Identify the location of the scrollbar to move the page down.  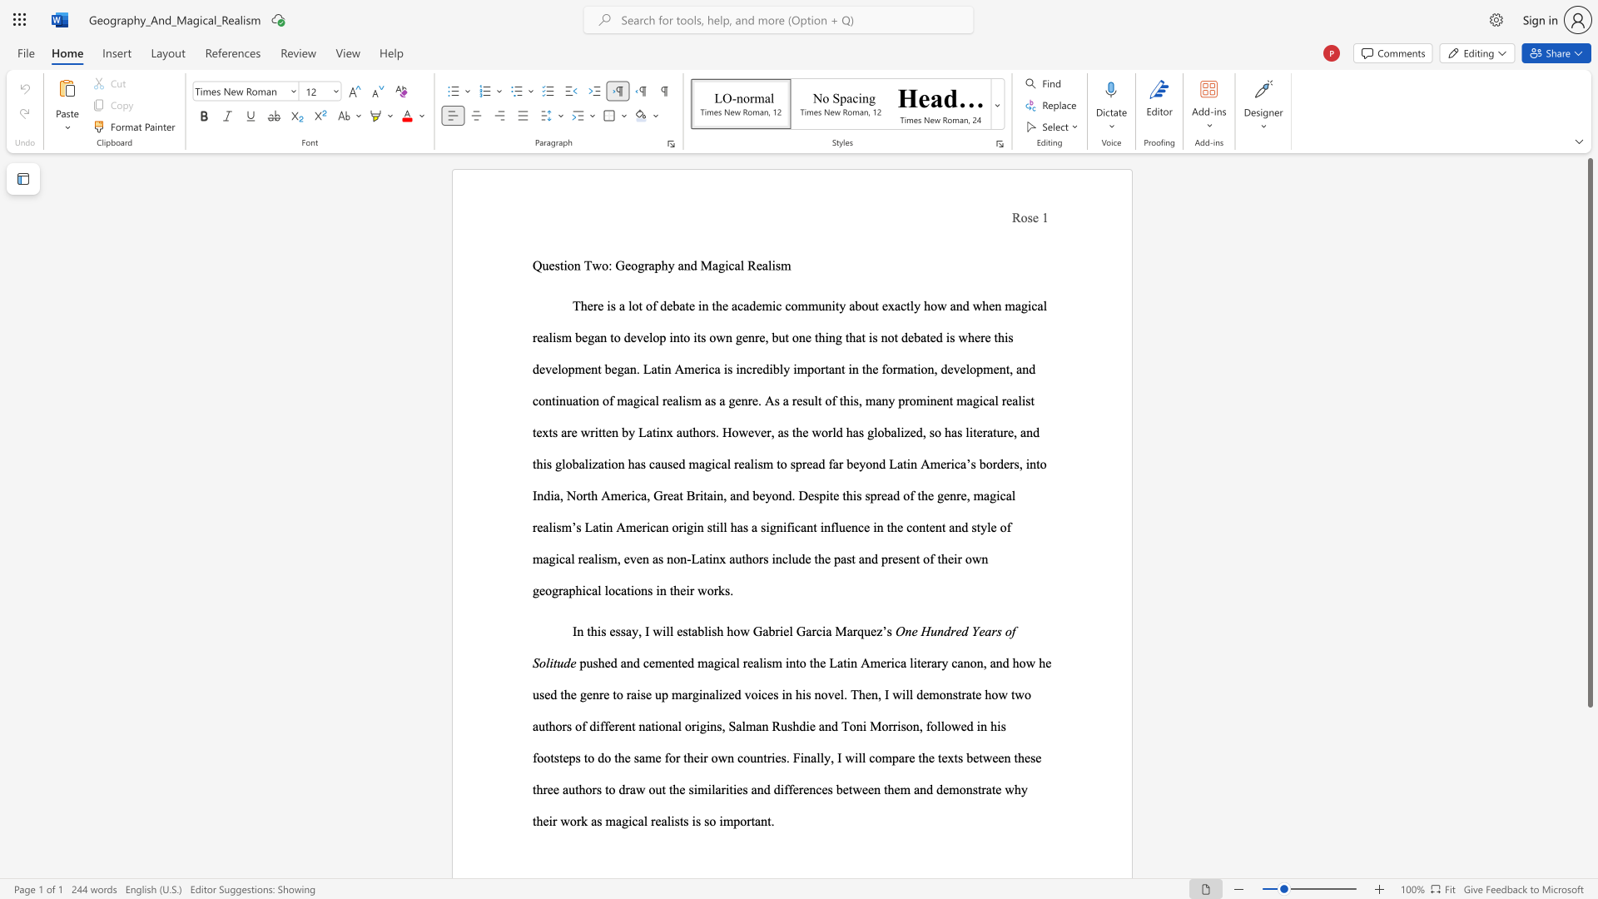
(1589, 806).